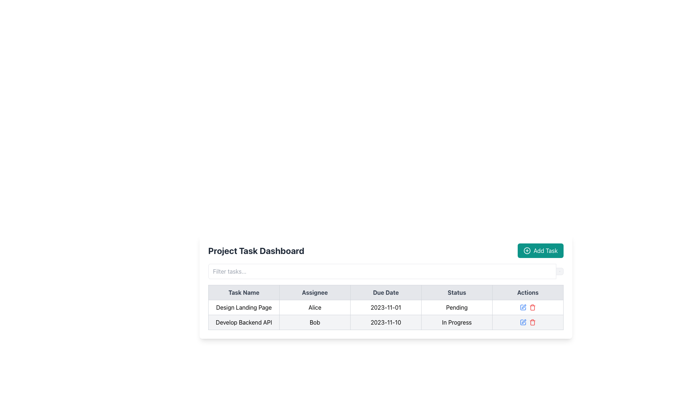 Image resolution: width=699 pixels, height=393 pixels. What do you see at coordinates (528, 307) in the screenshot?
I see `the red trash can icon in the Actions column of the first data row` at bounding box center [528, 307].